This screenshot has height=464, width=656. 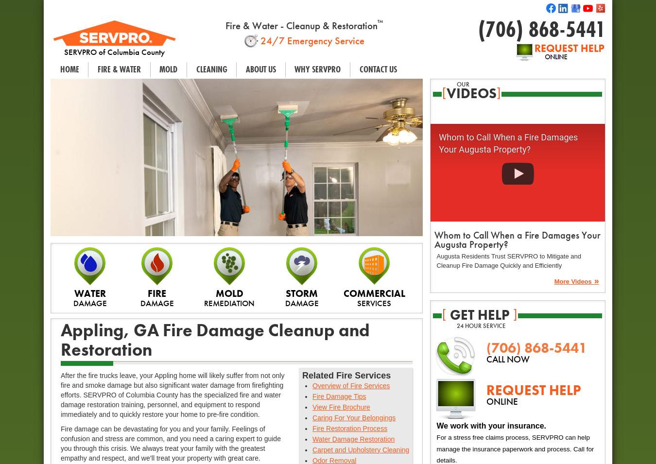 What do you see at coordinates (507, 358) in the screenshot?
I see `'CALL NOW'` at bounding box center [507, 358].